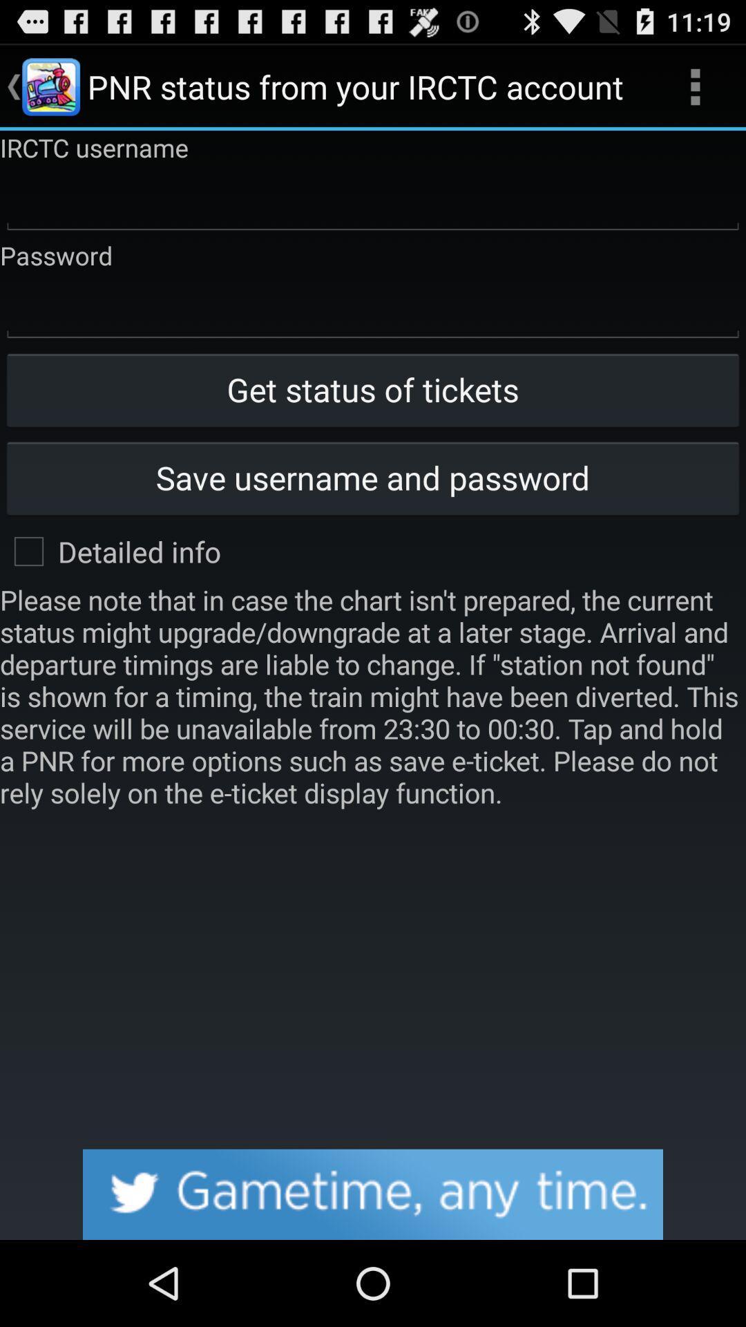 The width and height of the screenshot is (746, 1327). Describe the element at coordinates (373, 200) in the screenshot. I see `username` at that location.